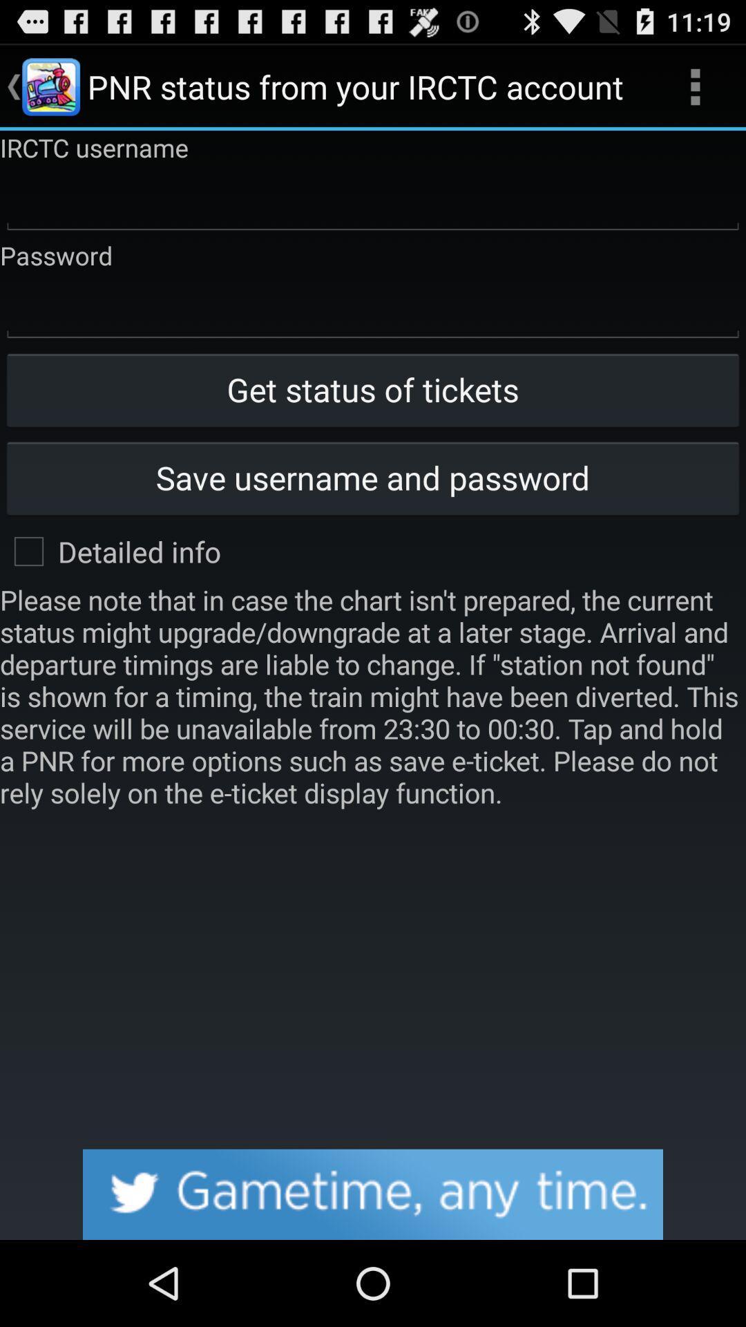 The width and height of the screenshot is (746, 1327). Describe the element at coordinates (373, 200) in the screenshot. I see `username` at that location.